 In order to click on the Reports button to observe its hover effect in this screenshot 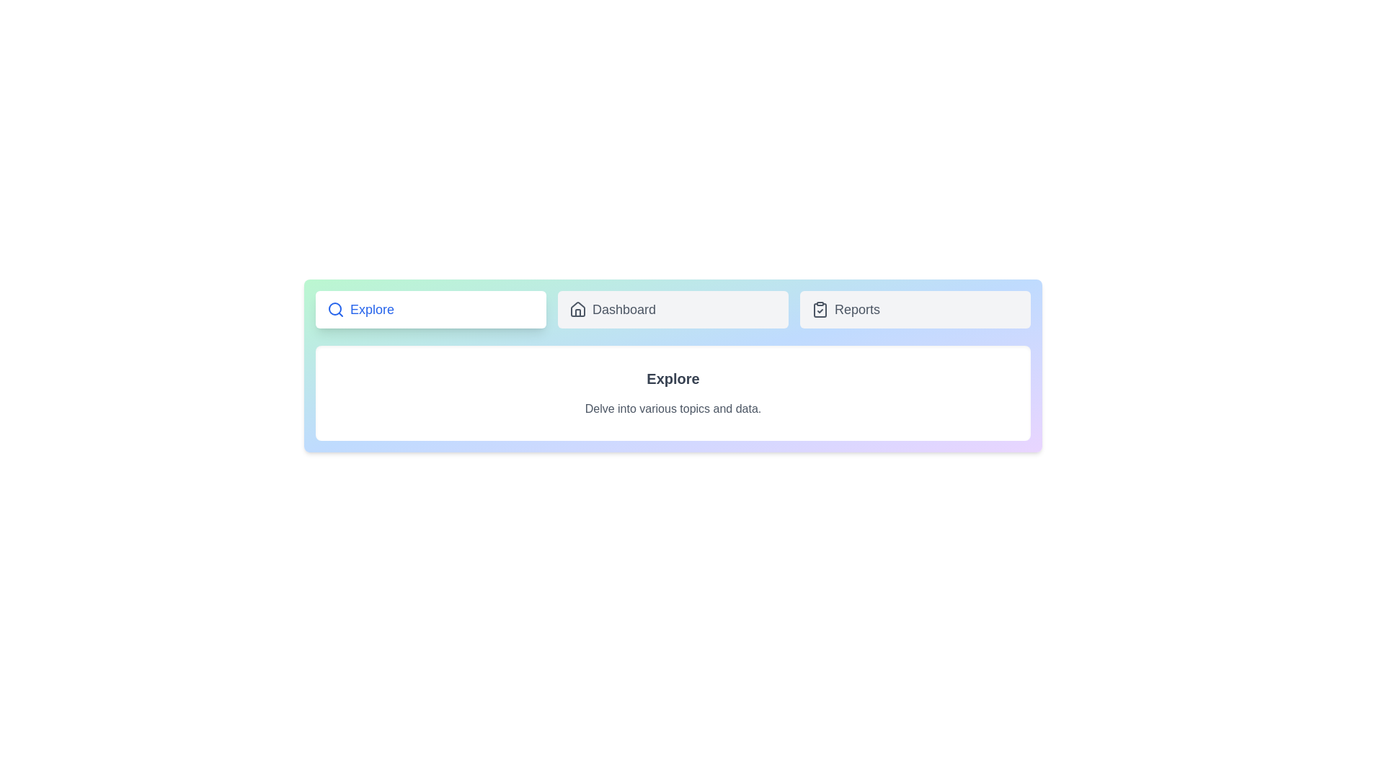, I will do `click(915, 308)`.